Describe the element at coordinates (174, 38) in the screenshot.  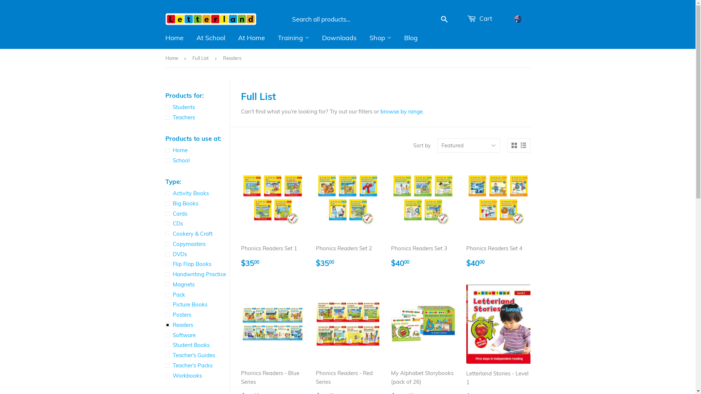
I see `'Home'` at that location.